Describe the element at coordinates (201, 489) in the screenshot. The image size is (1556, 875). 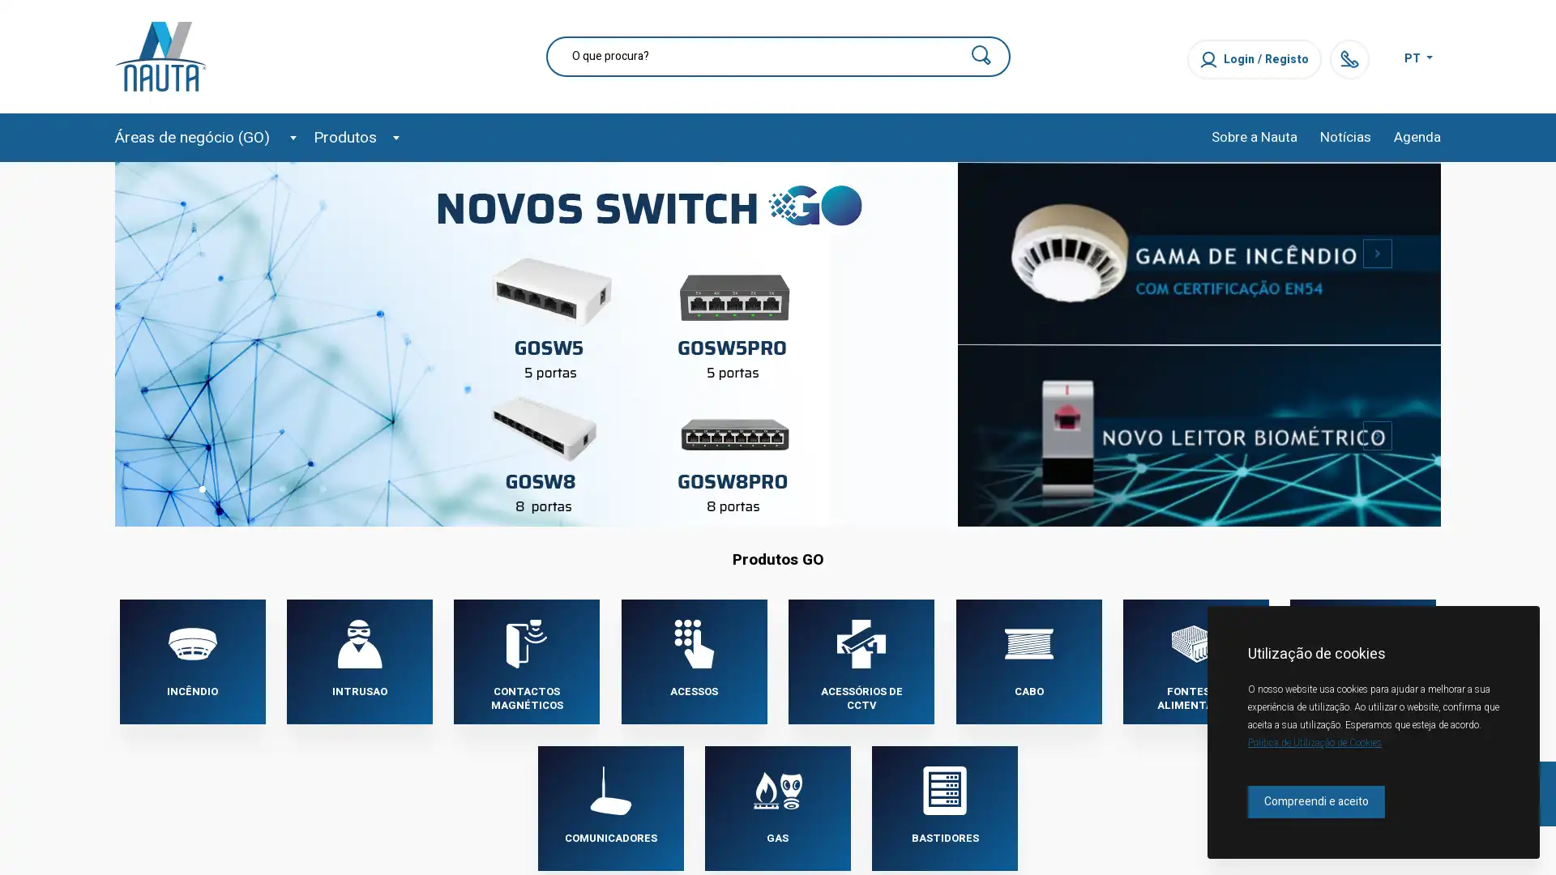
I see `Go to slide 1` at that location.